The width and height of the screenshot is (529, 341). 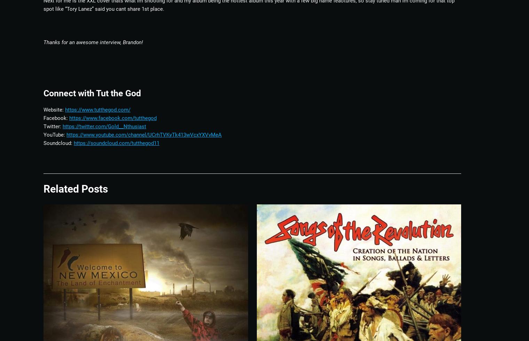 What do you see at coordinates (104, 125) in the screenshot?
I see `'https://twitter.com/Gold__Nthusiast'` at bounding box center [104, 125].